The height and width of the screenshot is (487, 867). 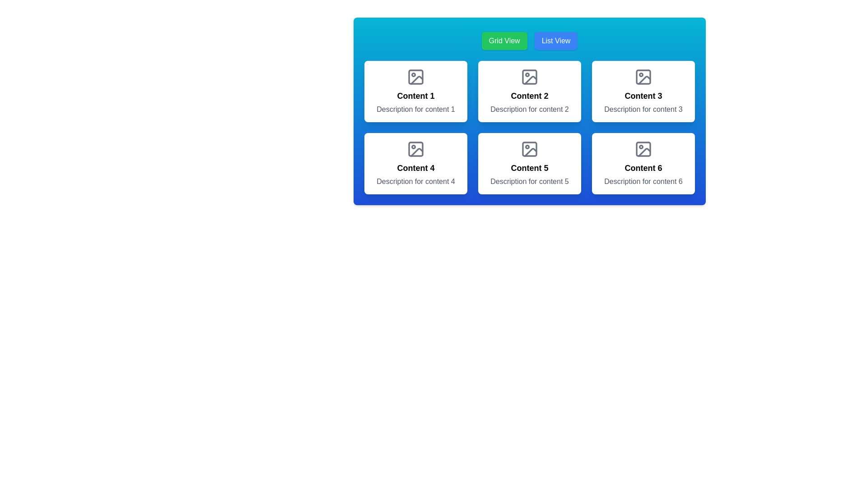 What do you see at coordinates (643, 109) in the screenshot?
I see `the text label providing contextual information for the card labeled 'Content 3', which is positioned directly below the title within the third card of a 3x2 grid layout` at bounding box center [643, 109].